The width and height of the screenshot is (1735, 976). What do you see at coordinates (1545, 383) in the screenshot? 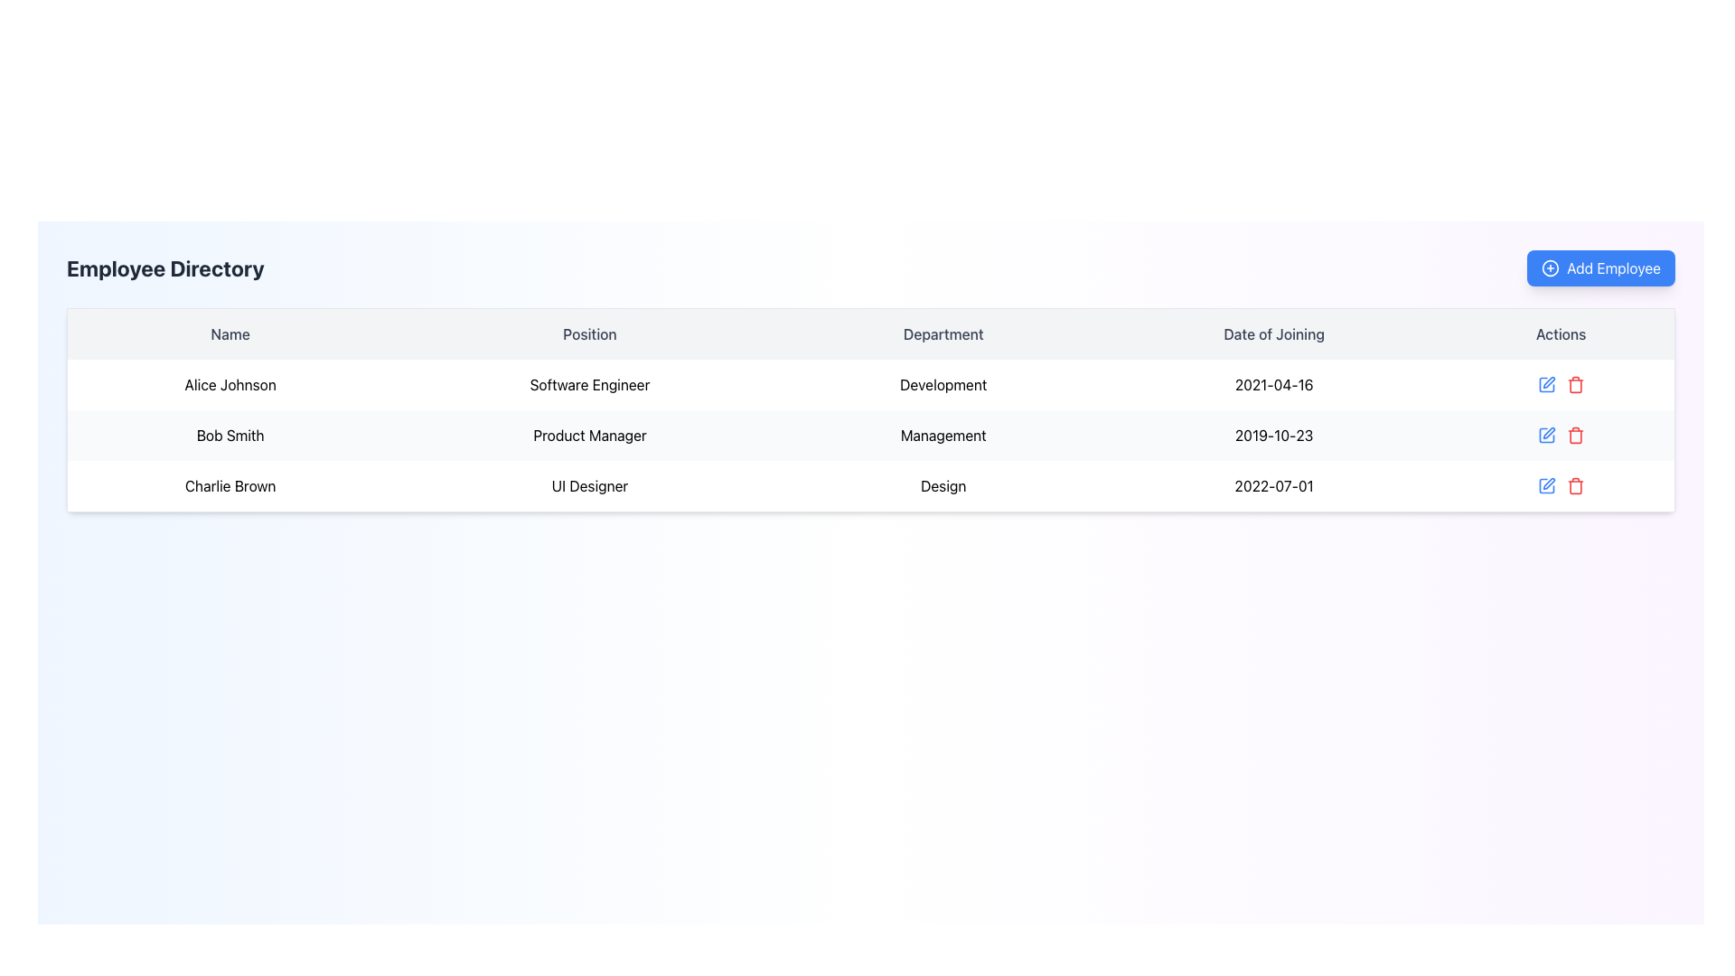
I see `the upper square part of the editing icon in the 'Actions' column for the record named Alice Johnson to initiate editing` at bounding box center [1545, 383].